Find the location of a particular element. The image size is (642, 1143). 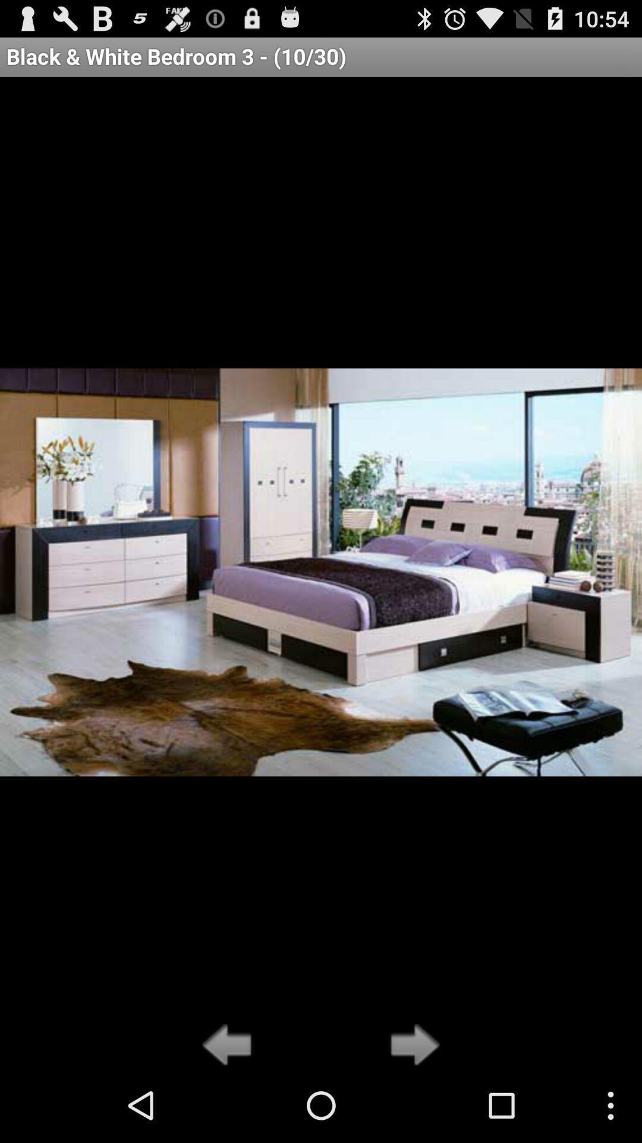

scrolls to the left is located at coordinates (230, 1045).